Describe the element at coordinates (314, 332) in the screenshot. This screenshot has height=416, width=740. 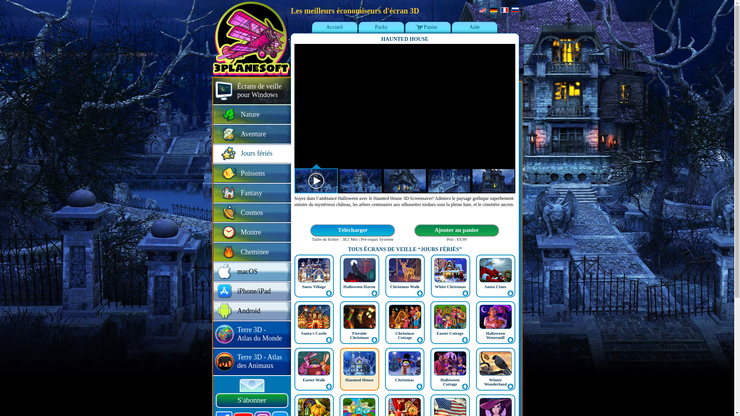
I see `'Santa's Castle'` at that location.